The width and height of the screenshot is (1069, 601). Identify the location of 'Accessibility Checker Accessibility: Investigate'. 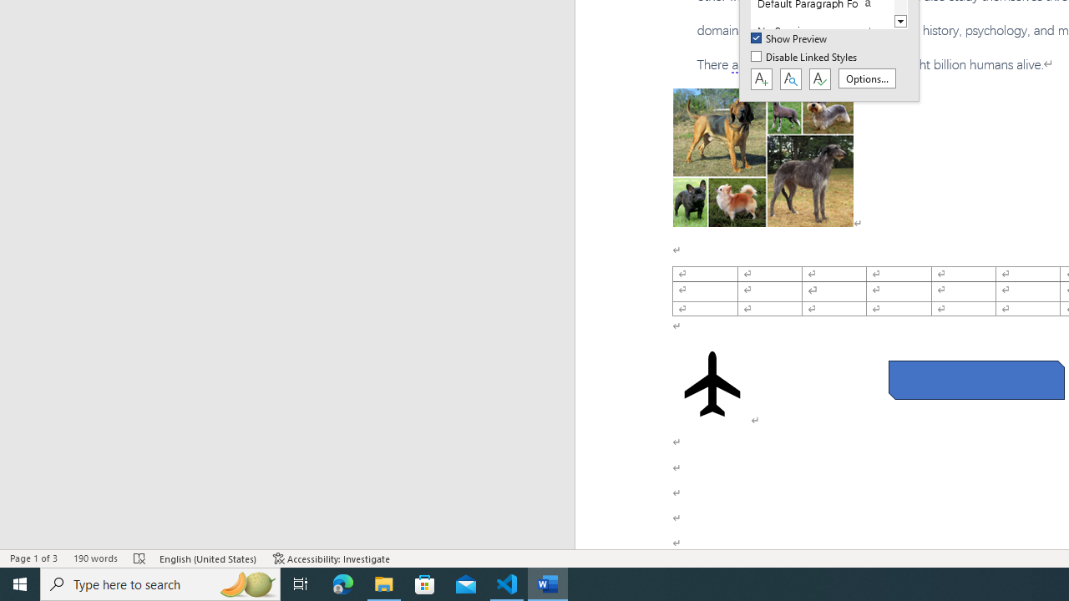
(332, 558).